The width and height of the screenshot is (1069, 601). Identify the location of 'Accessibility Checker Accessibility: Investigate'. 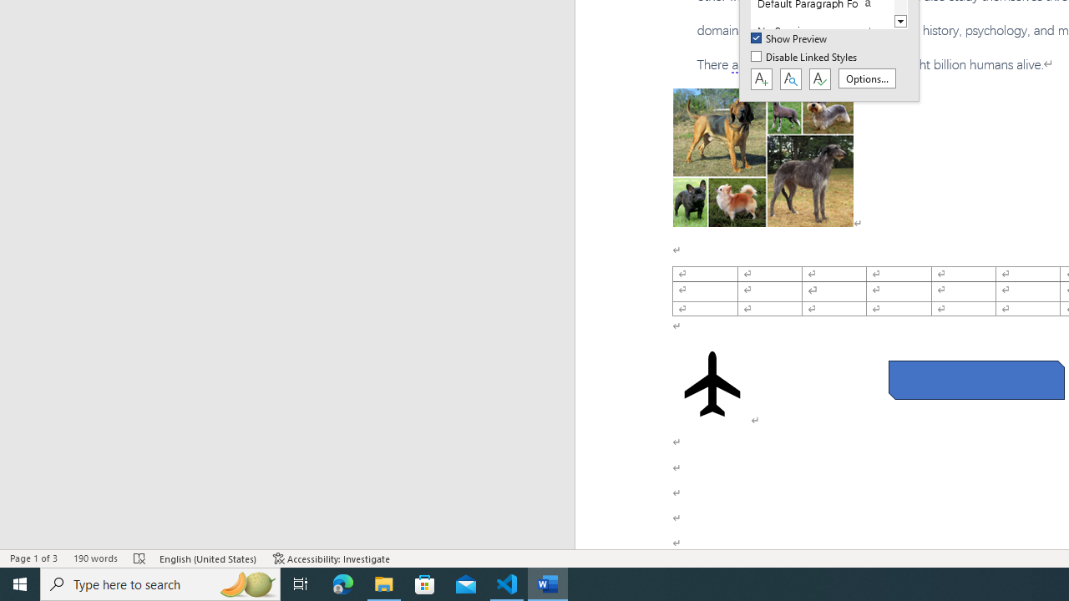
(332, 558).